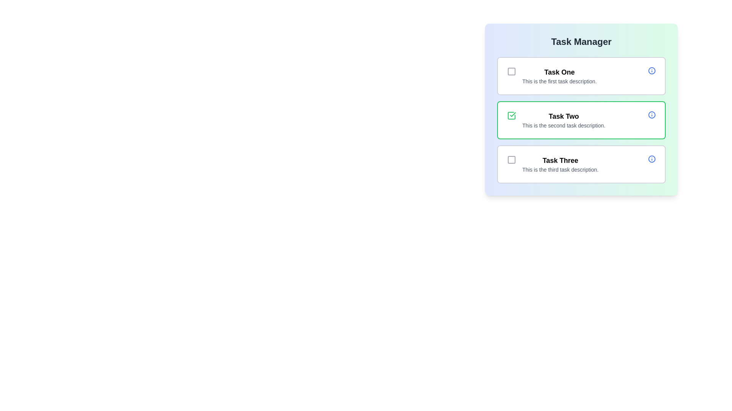  What do you see at coordinates (512, 116) in the screenshot?
I see `the green checkmark icon in the checkbox located in the 'Task Two' section of the 'Task Manager'` at bounding box center [512, 116].